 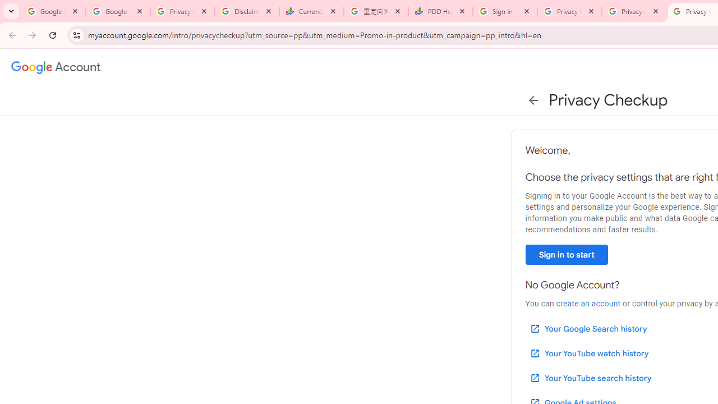 What do you see at coordinates (634, 11) in the screenshot?
I see `'Privacy Checkup'` at bounding box center [634, 11].